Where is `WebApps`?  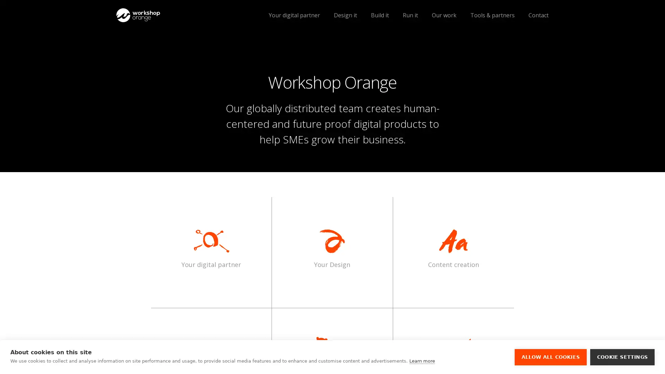
WebApps is located at coordinates (171, 71).